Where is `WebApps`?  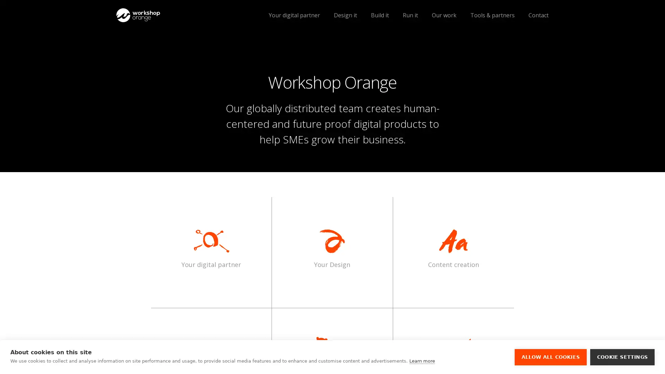
WebApps is located at coordinates (171, 71).